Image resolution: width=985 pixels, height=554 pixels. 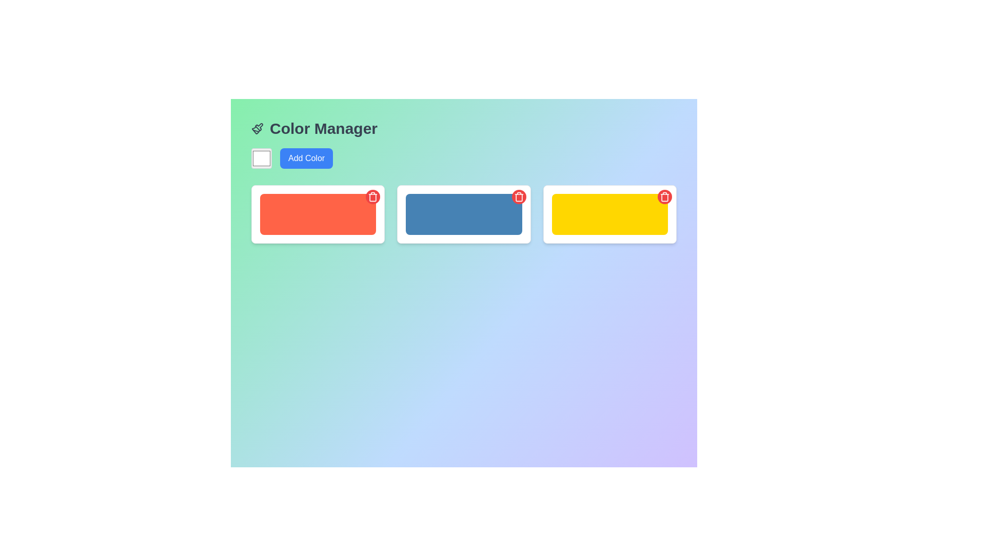 I want to click on the circular red delete button with a white trash can icon located in the upper-right corner of the blue rectangular element, so click(x=519, y=197).